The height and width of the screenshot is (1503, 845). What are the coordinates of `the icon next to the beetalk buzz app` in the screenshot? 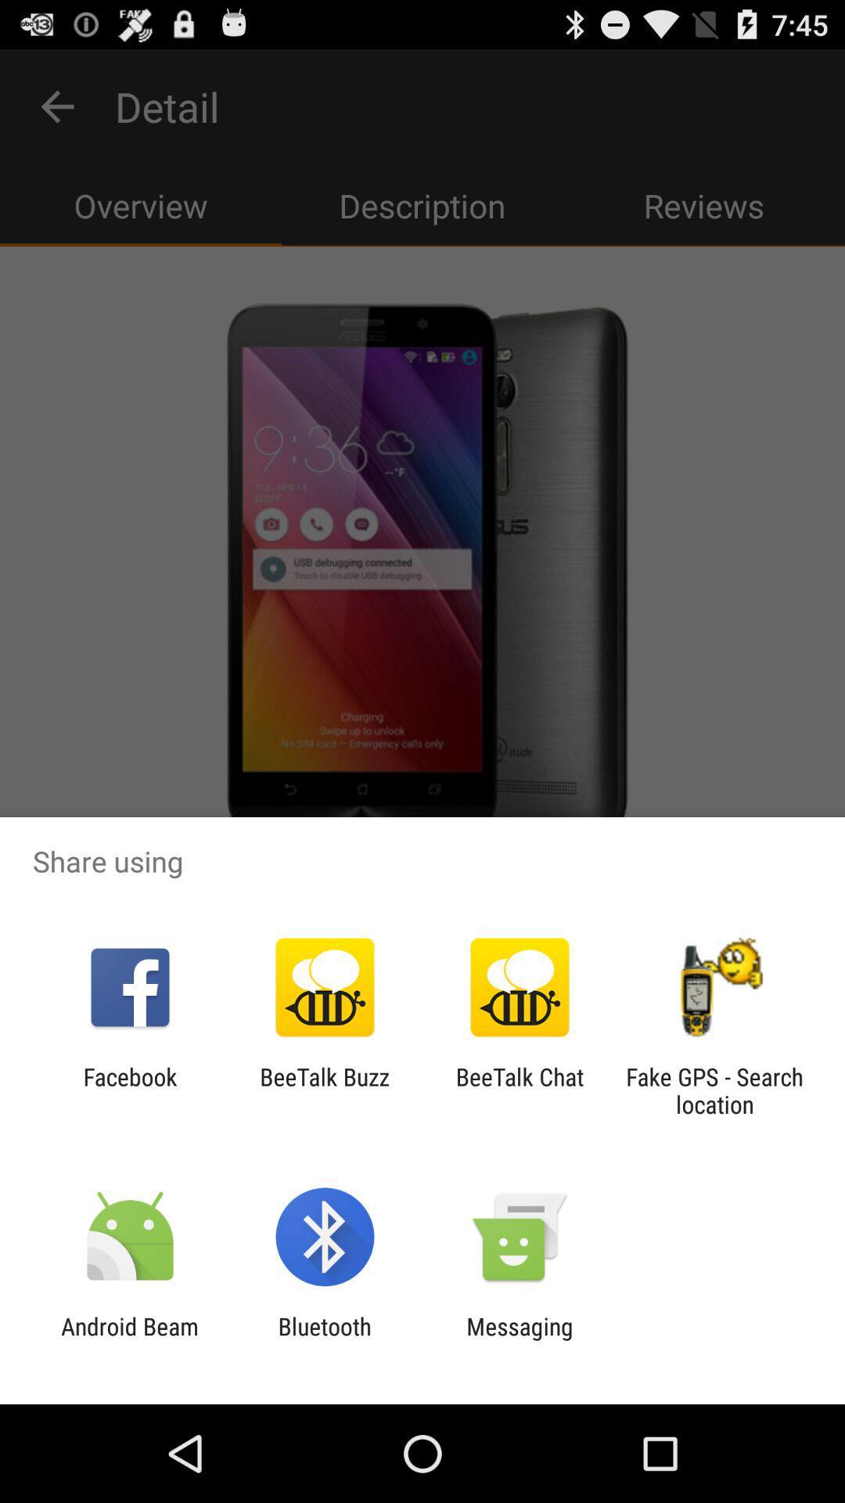 It's located at (129, 1090).